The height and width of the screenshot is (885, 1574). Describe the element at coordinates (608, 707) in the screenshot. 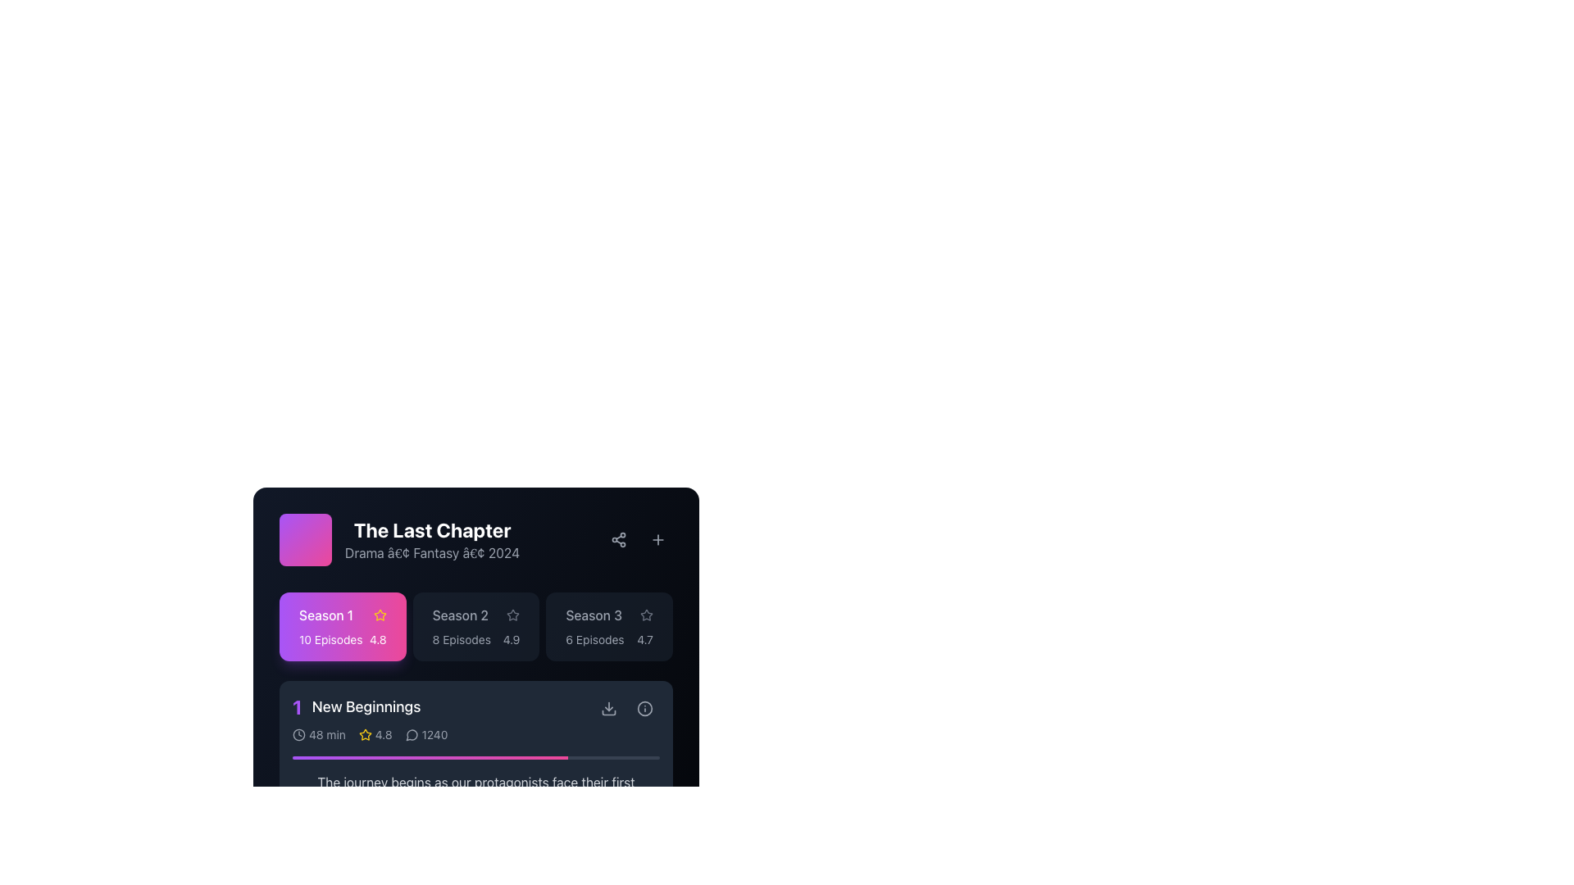

I see `the Icon button located at the bottom right of the 'New Beginnings' list entry to change its appearance` at that location.